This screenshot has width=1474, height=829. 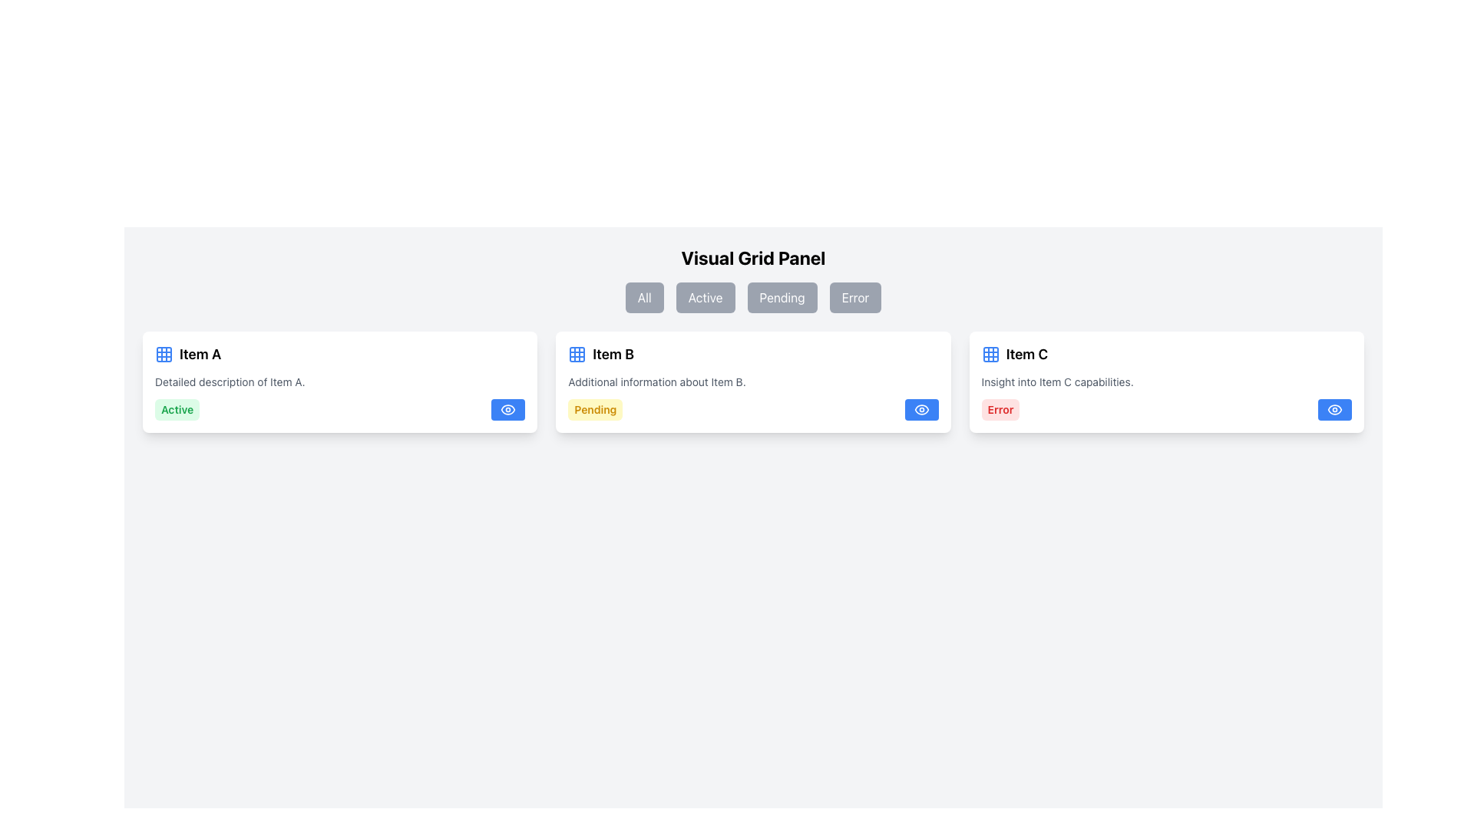 What do you see at coordinates (164, 355) in the screenshot?
I see `the blue square icon with a grid structure located to the left of the 'Item A' label in the Visual Grid Panel` at bounding box center [164, 355].